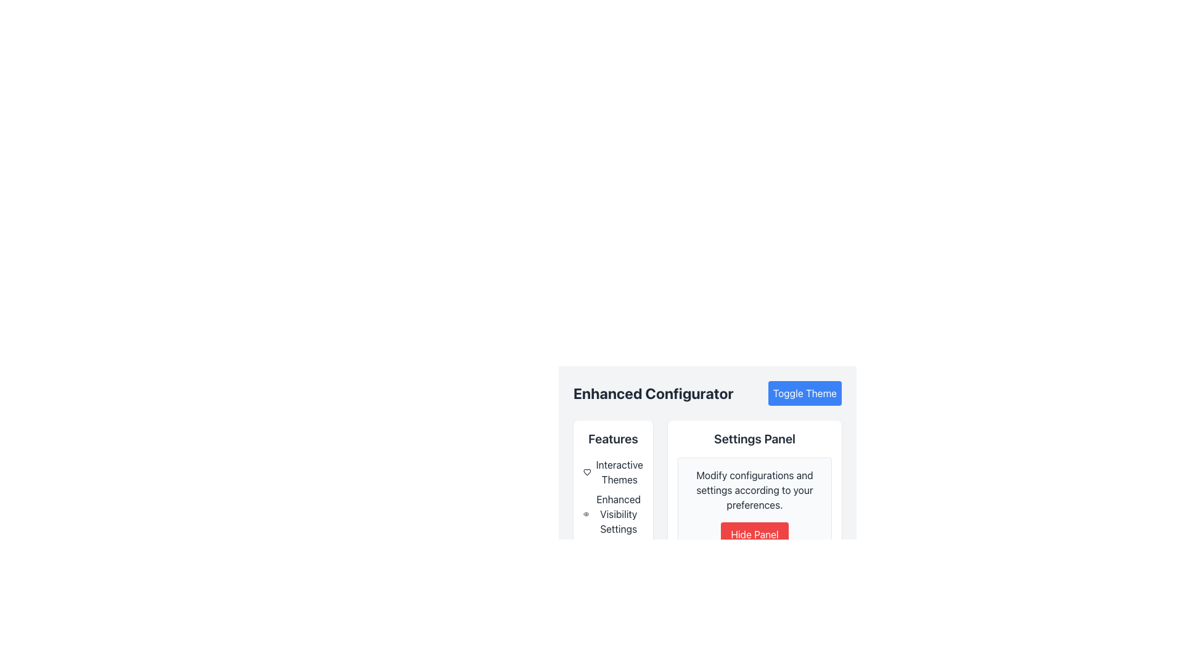  Describe the element at coordinates (754, 534) in the screenshot. I see `the 'Hide Panel' button, which has a red background and white text, located in the 'Settings Panel' section at the bottom of the configuration settings` at that location.